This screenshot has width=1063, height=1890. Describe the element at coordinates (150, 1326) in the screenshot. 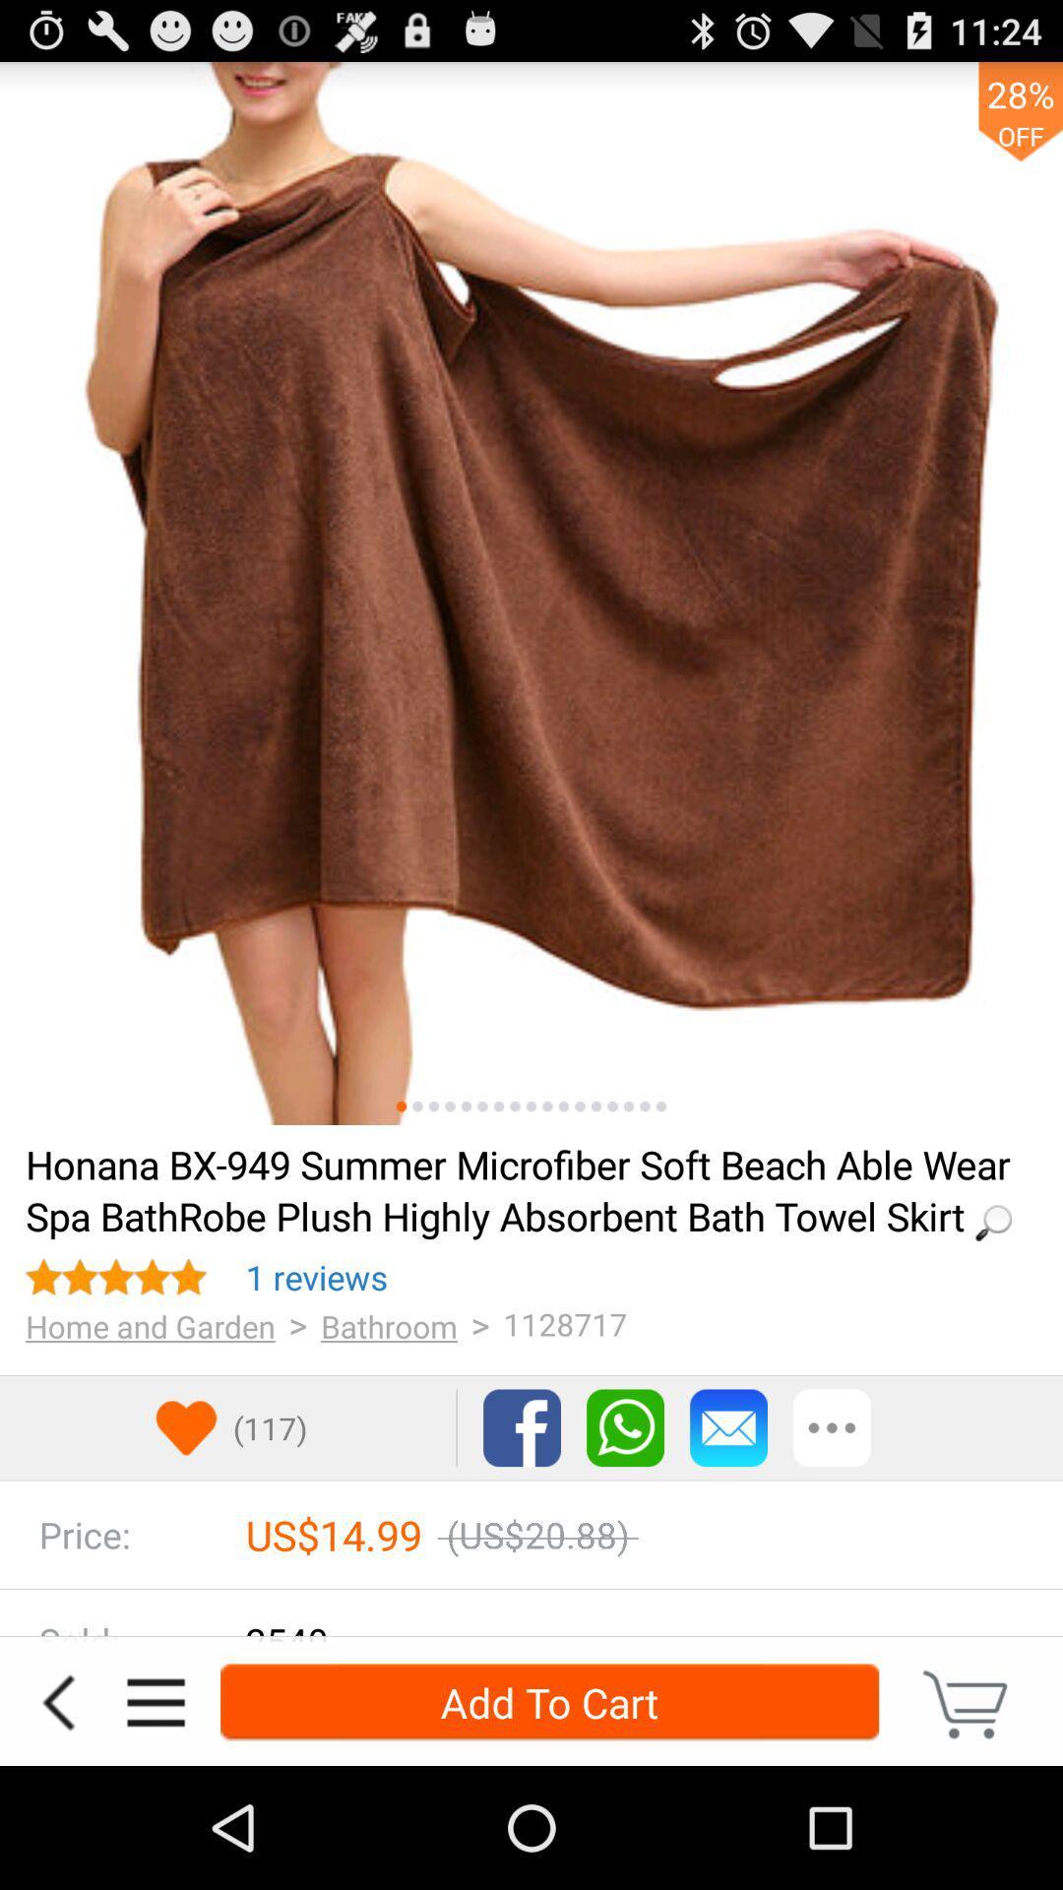

I see `the home and garden icon` at that location.